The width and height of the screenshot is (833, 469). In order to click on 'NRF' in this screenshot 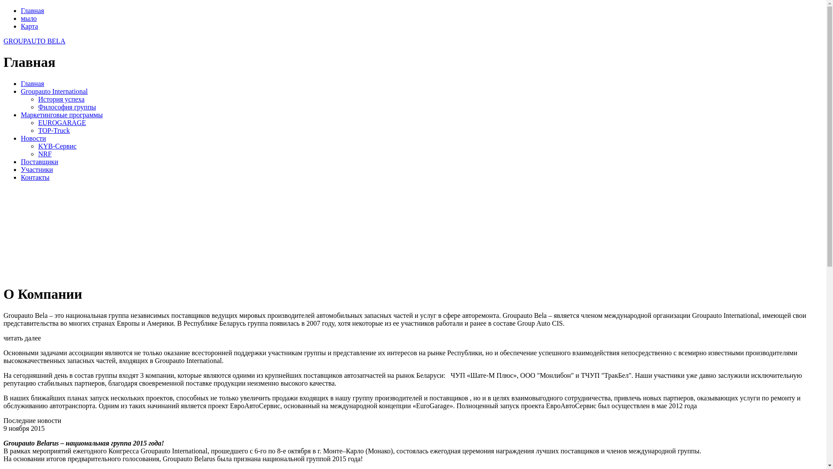, I will do `click(37, 153)`.